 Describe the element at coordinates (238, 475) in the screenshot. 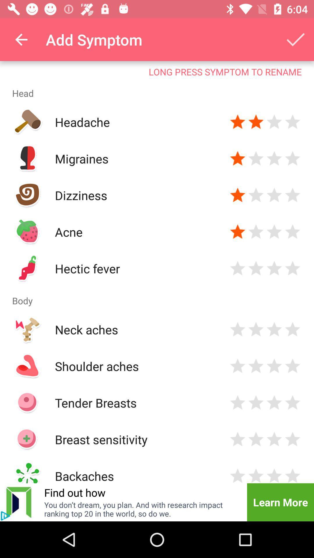

I see `rate the level of symptom` at that location.